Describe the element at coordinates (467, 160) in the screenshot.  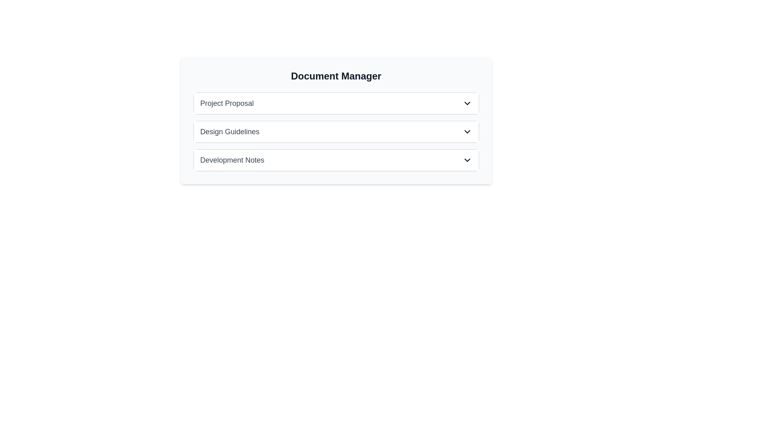
I see `the downwards chevron icon in the 'Development Notes' section` at that location.